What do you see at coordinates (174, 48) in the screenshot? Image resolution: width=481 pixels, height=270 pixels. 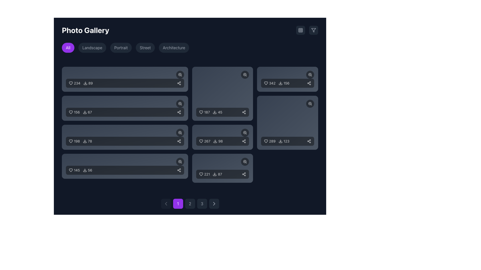 I see `the pill-shaped button labeled 'Architecture' with a dark gray background` at bounding box center [174, 48].